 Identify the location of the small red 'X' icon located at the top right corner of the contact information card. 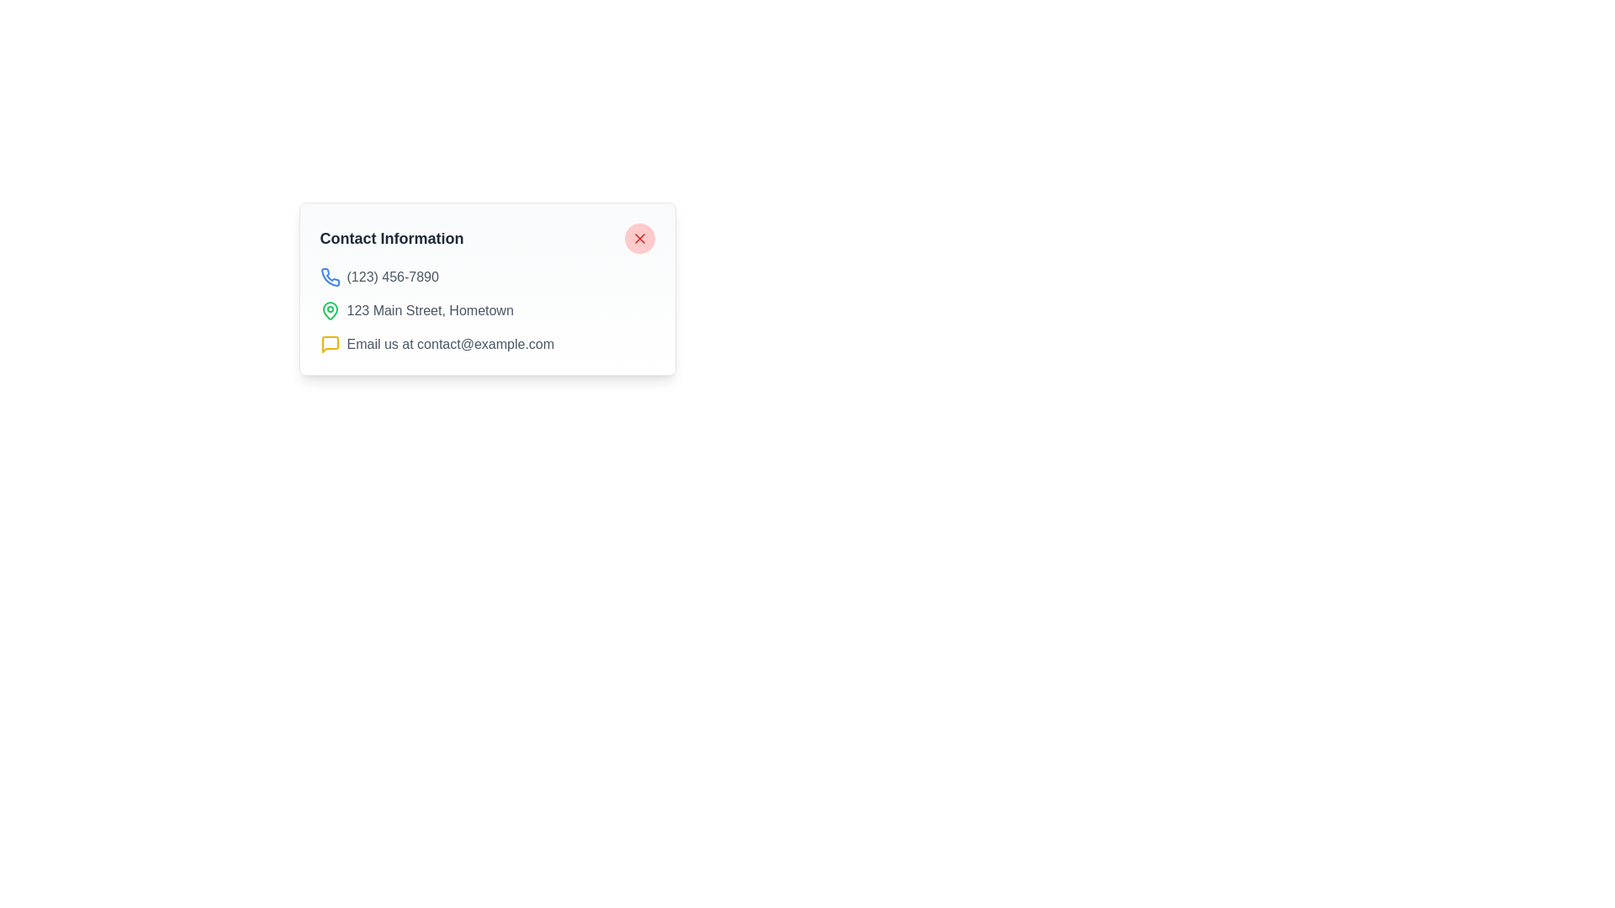
(638, 239).